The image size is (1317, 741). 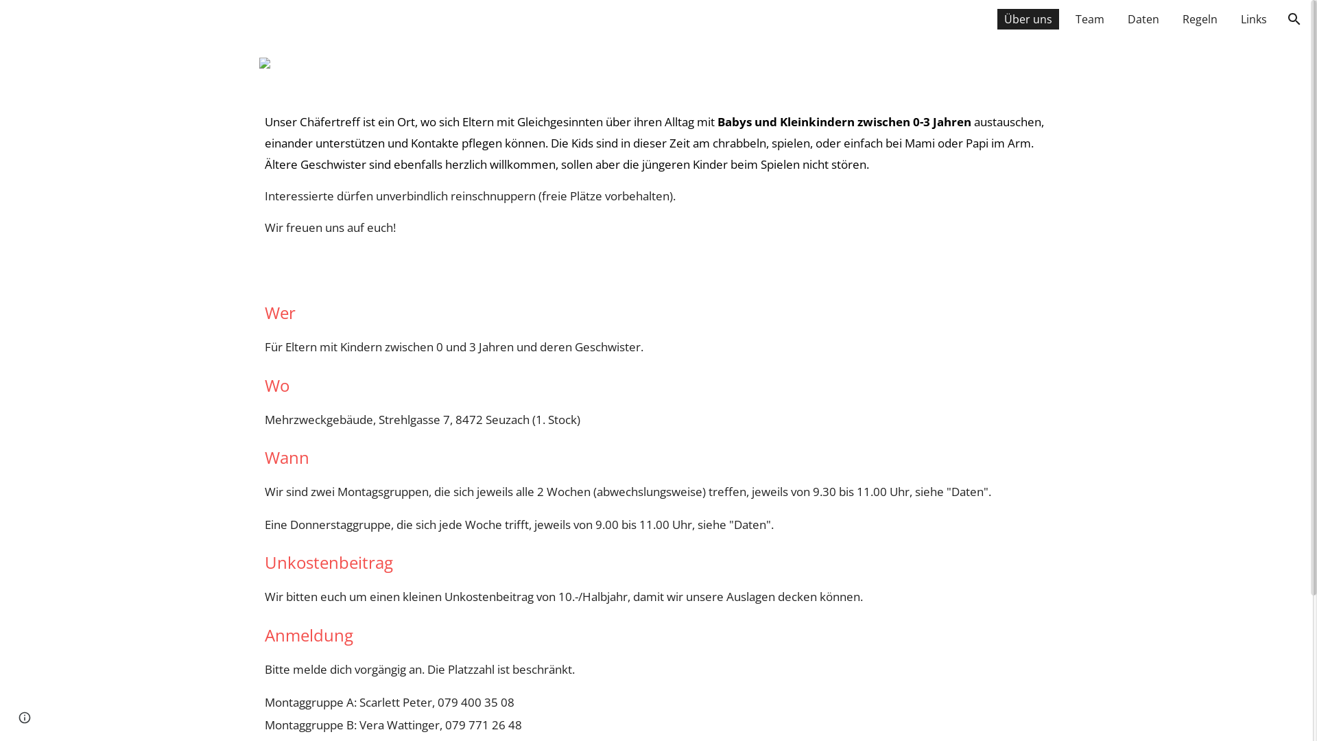 What do you see at coordinates (1143, 19) in the screenshot?
I see `'Daten'` at bounding box center [1143, 19].